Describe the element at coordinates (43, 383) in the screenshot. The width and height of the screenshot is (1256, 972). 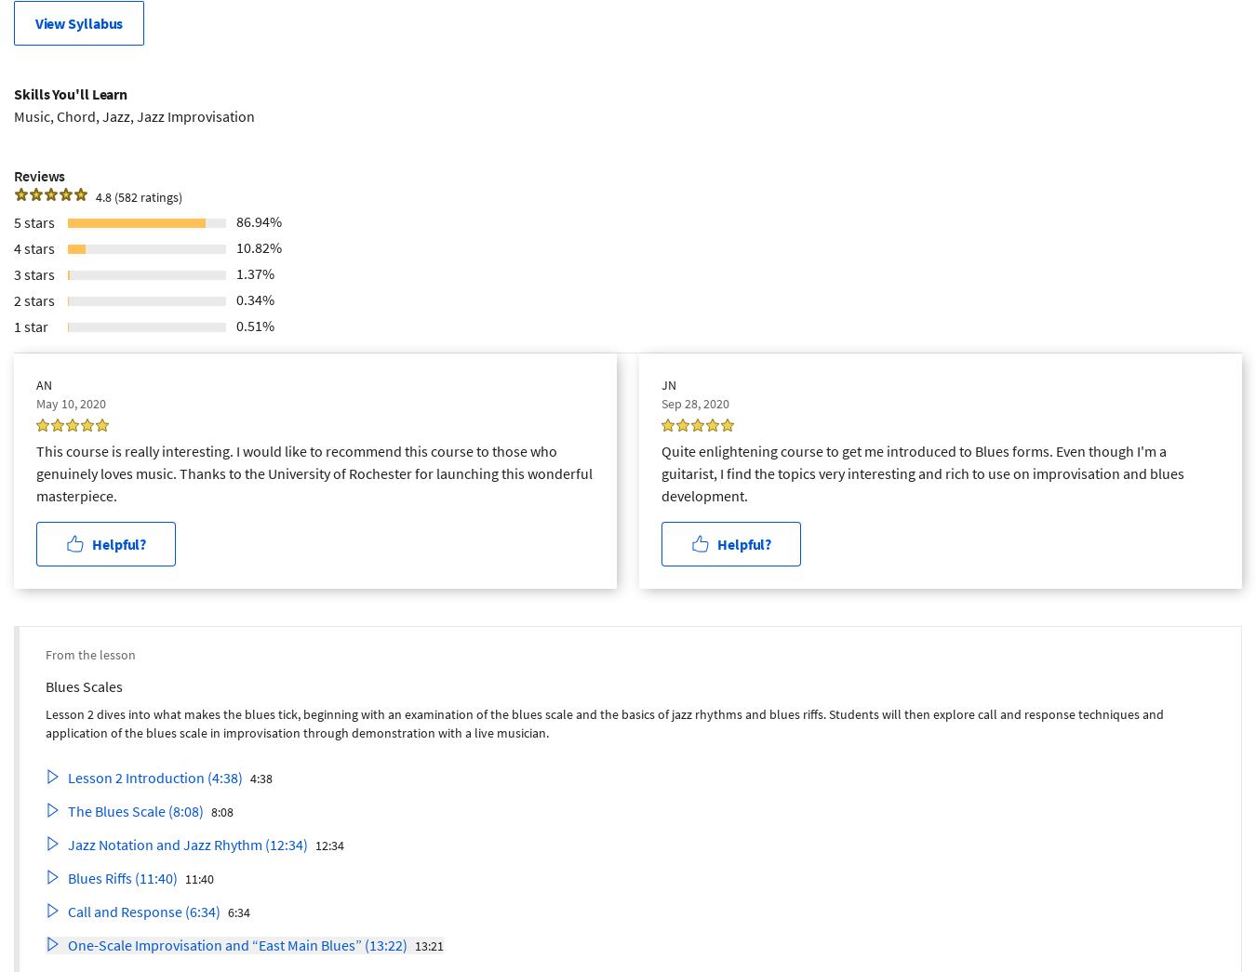
I see `'AN'` at that location.